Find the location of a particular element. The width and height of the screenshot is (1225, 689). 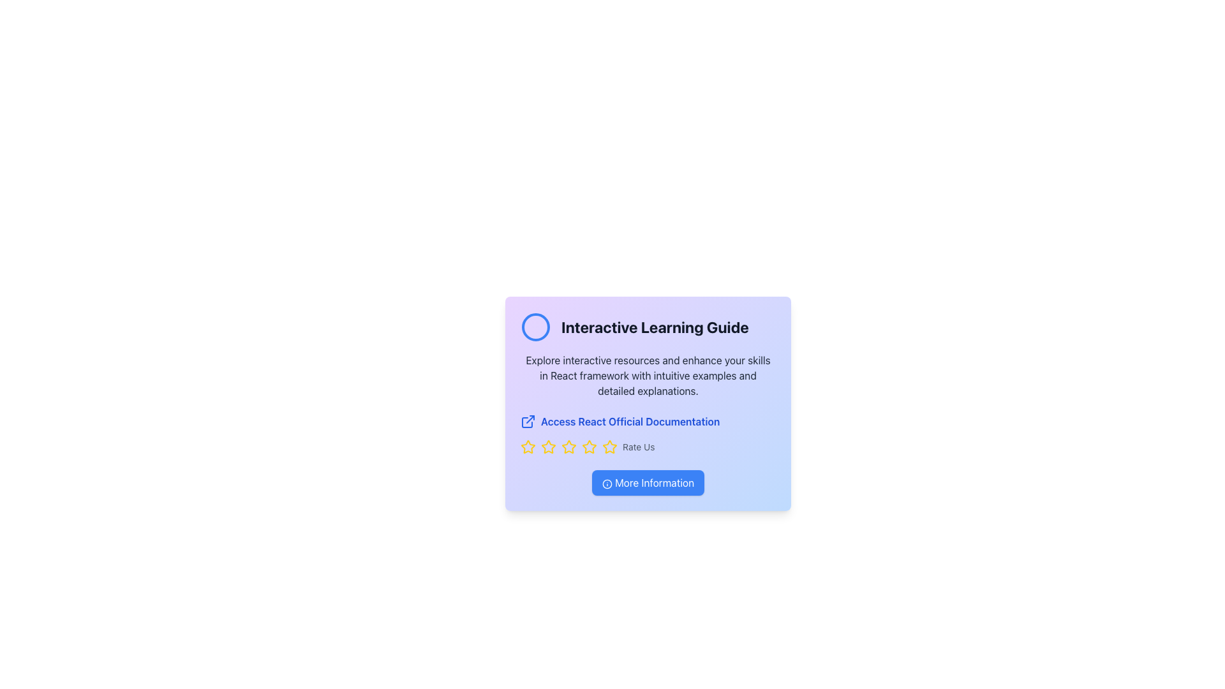

the fifth star in the rating system, located just above the 'Rate Us' text is located at coordinates (568, 447).